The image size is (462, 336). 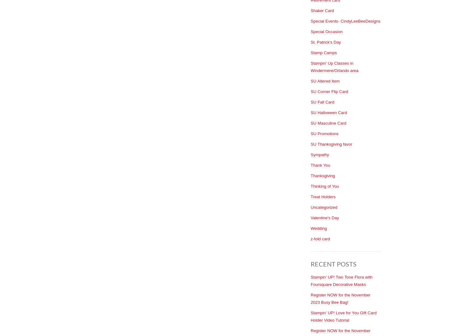 I want to click on 'SU Fall Card', so click(x=322, y=102).